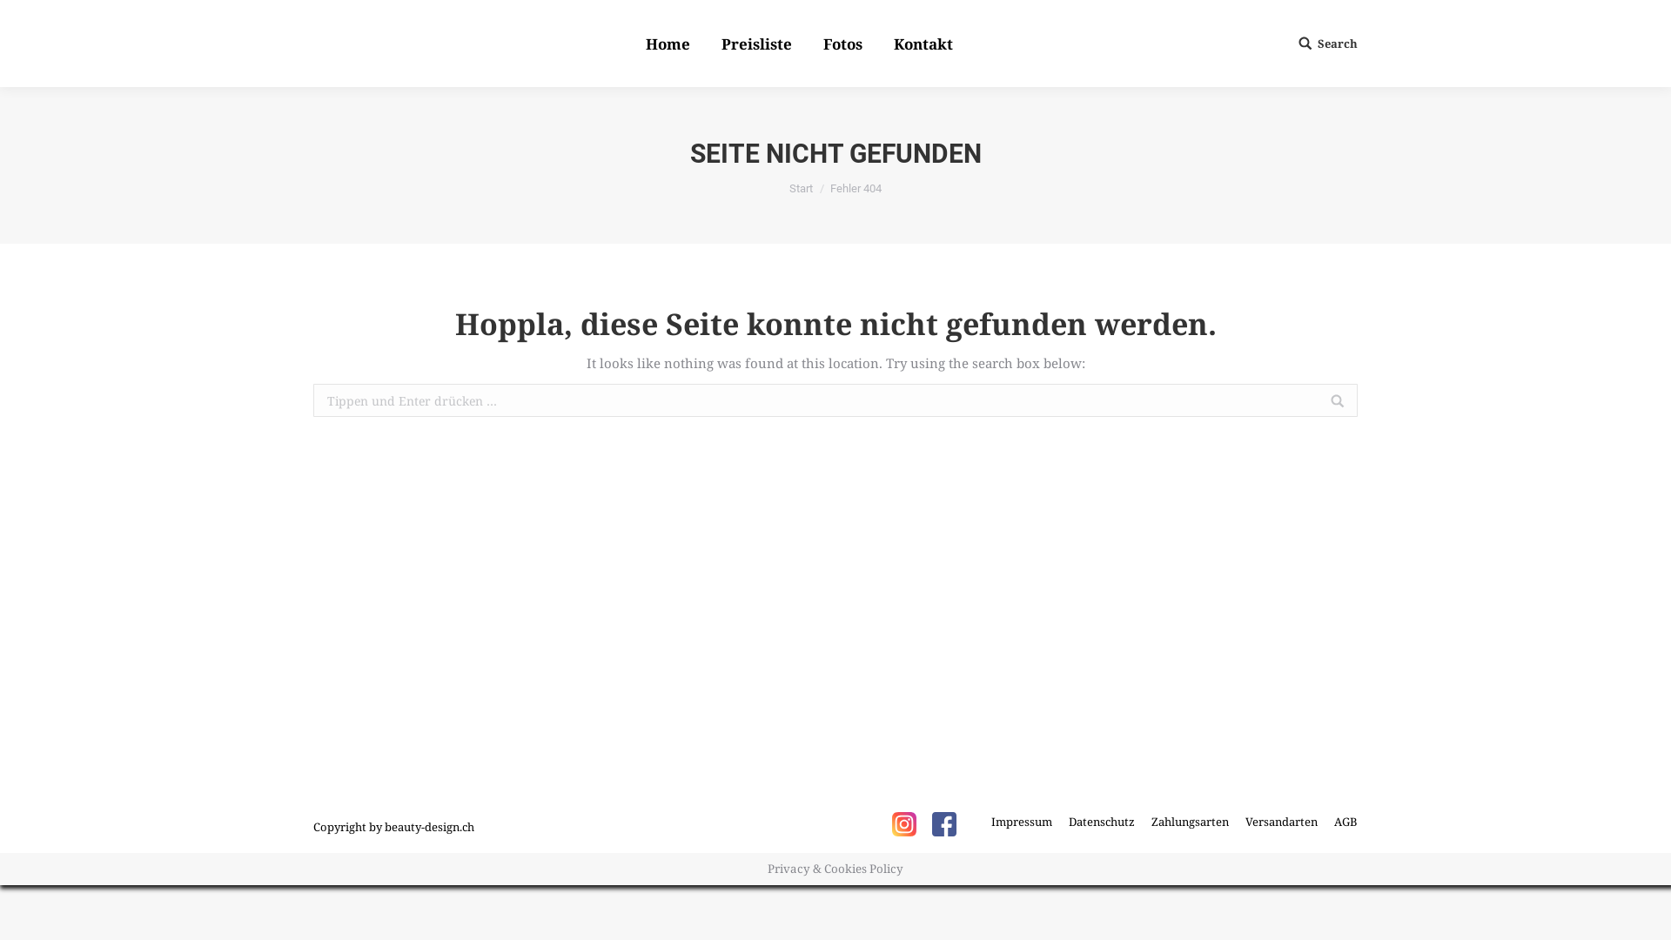 Image resolution: width=1671 pixels, height=940 pixels. I want to click on 'AGB', so click(1345, 822).